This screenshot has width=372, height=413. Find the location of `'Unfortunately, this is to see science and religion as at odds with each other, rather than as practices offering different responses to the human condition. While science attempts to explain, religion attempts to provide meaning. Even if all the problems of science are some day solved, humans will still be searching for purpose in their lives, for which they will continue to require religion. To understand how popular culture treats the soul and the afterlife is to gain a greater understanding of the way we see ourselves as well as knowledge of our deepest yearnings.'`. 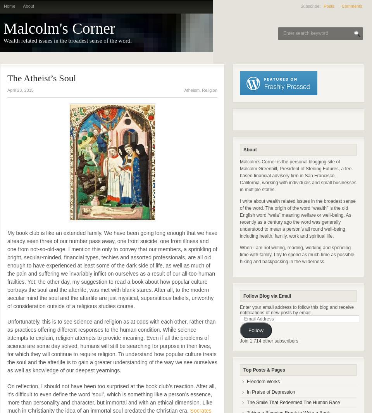

'Unfortunately, this is to see science and religion as at odds with each other, rather than as practices offering different responses to the human condition. While science attempts to explain, religion attempts to provide meaning. Even if all the problems of science are some day solved, humans will still be searching for purpose in their lives, for which they will continue to require religion. To understand how popular culture treats the soul and the afterlife is to gain a greater understanding of the way we see ourselves as well as knowledge of our deepest yearnings.' is located at coordinates (112, 346).